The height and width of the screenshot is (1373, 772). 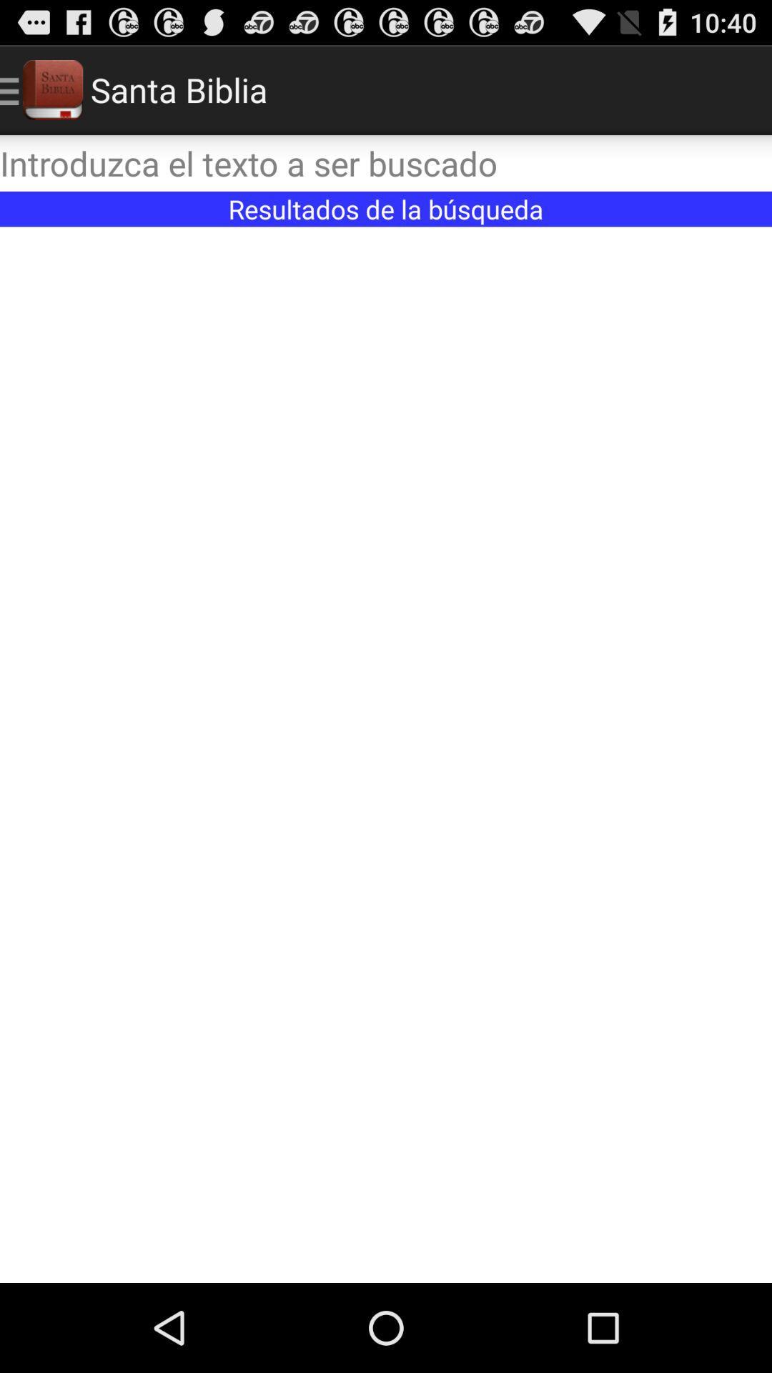 What do you see at coordinates (386, 754) in the screenshot?
I see `research results` at bounding box center [386, 754].